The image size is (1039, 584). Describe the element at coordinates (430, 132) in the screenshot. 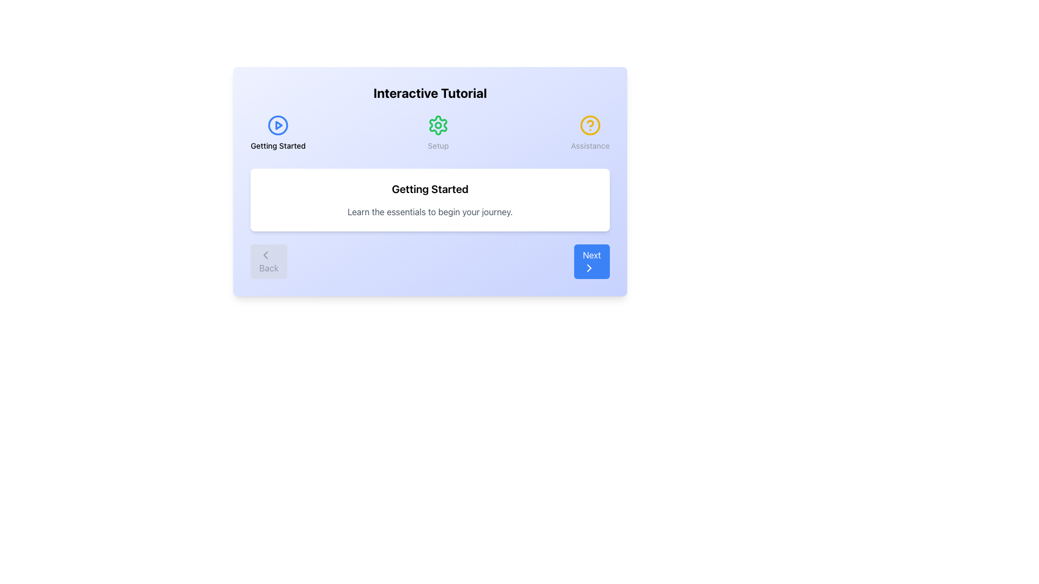

I see `the 'Setup' navigation item, which is the second segment in the navigation bar under 'Interactive Tutorial', featuring a green gear icon and labeled text` at that location.